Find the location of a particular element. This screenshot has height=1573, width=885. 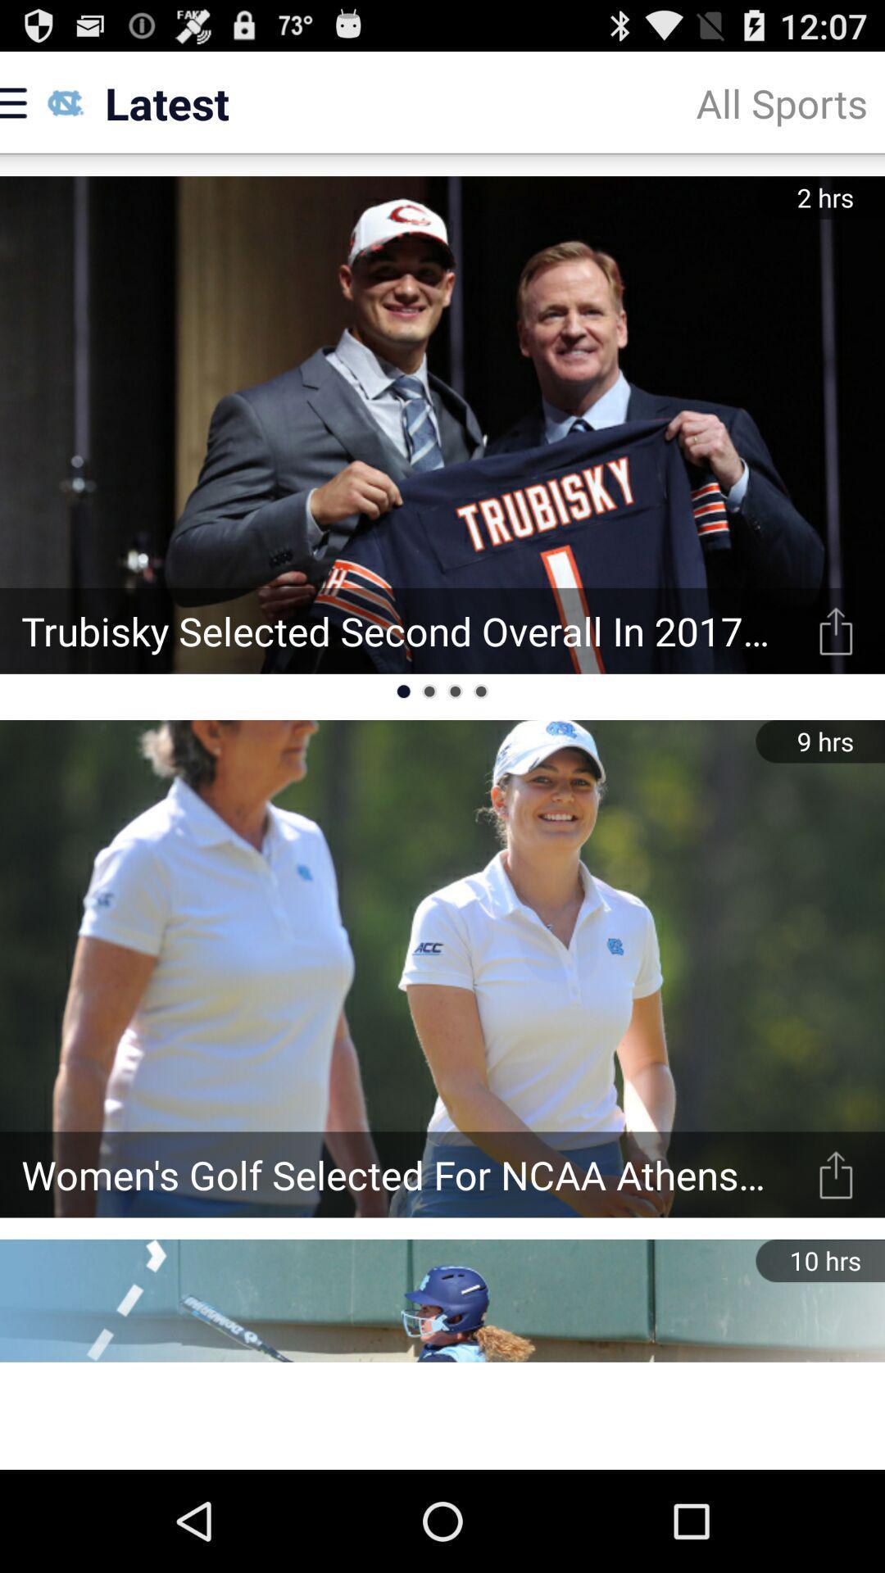

the all sports is located at coordinates (781, 102).